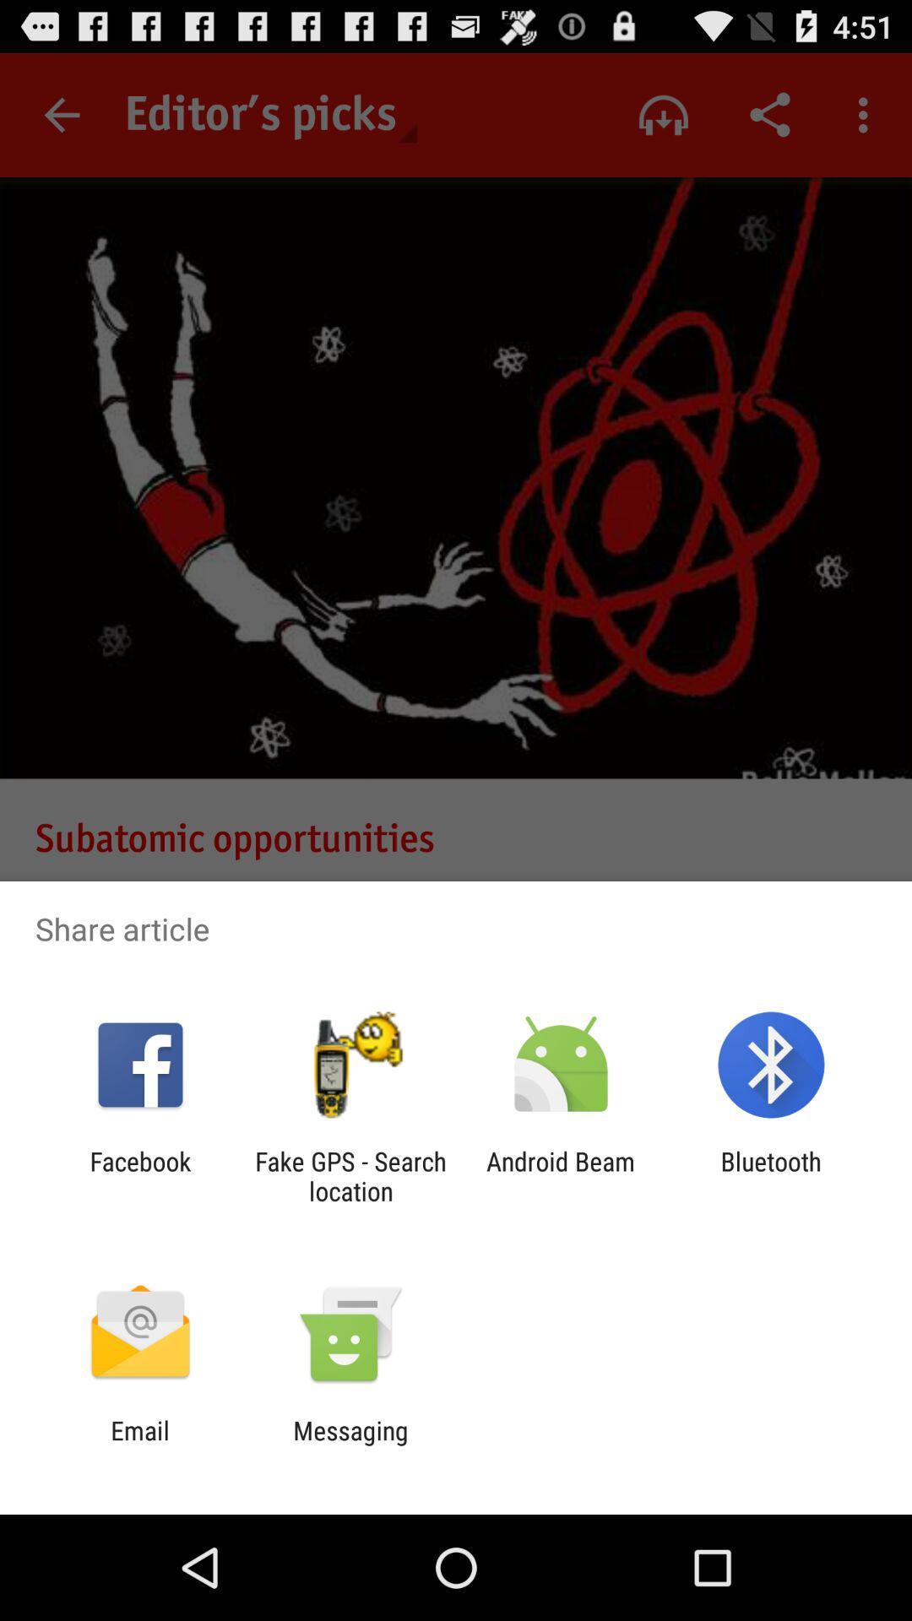 This screenshot has height=1621, width=912. What do you see at coordinates (350, 1175) in the screenshot?
I see `the item to the right of facebook` at bounding box center [350, 1175].